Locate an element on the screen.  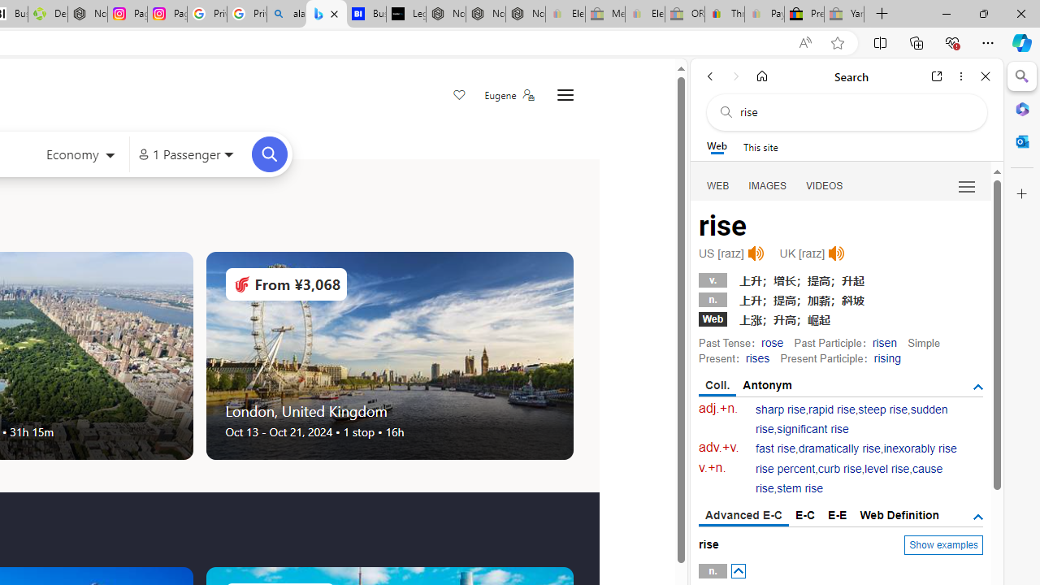
'risen' is located at coordinates (883, 341).